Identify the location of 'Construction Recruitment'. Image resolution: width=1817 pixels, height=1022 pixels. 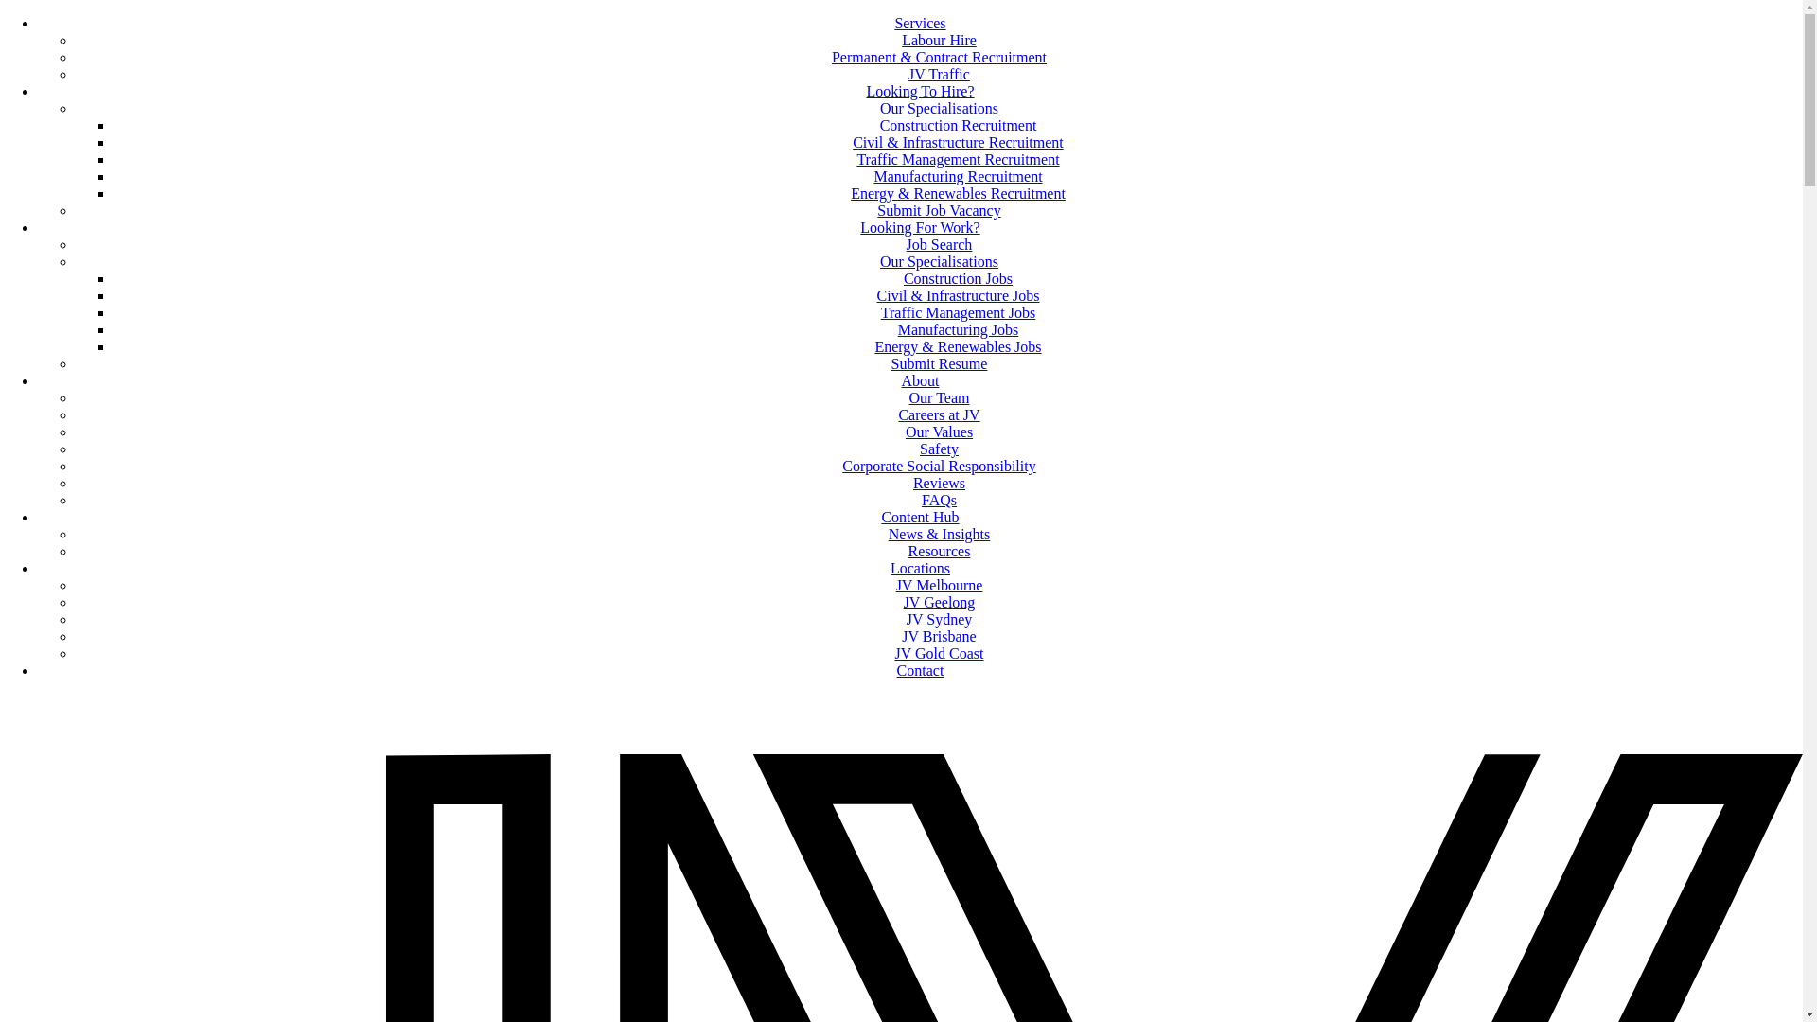
(958, 125).